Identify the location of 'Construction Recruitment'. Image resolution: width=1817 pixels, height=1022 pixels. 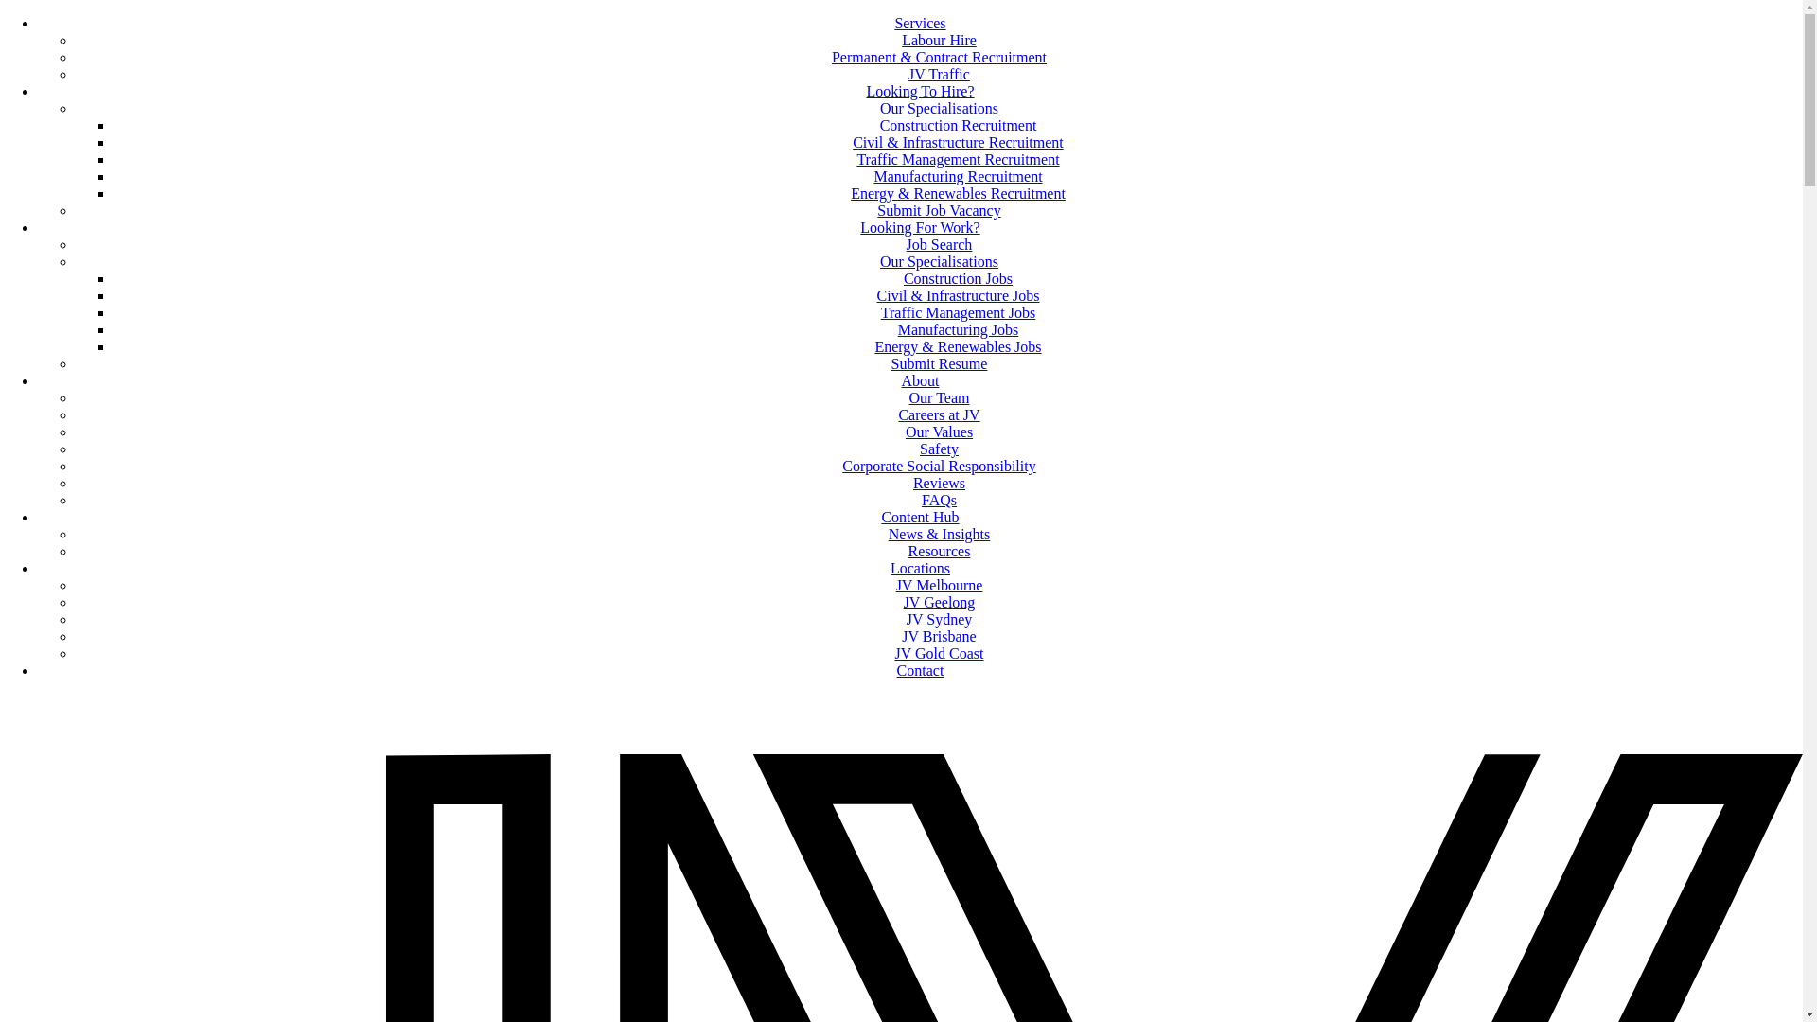
(958, 125).